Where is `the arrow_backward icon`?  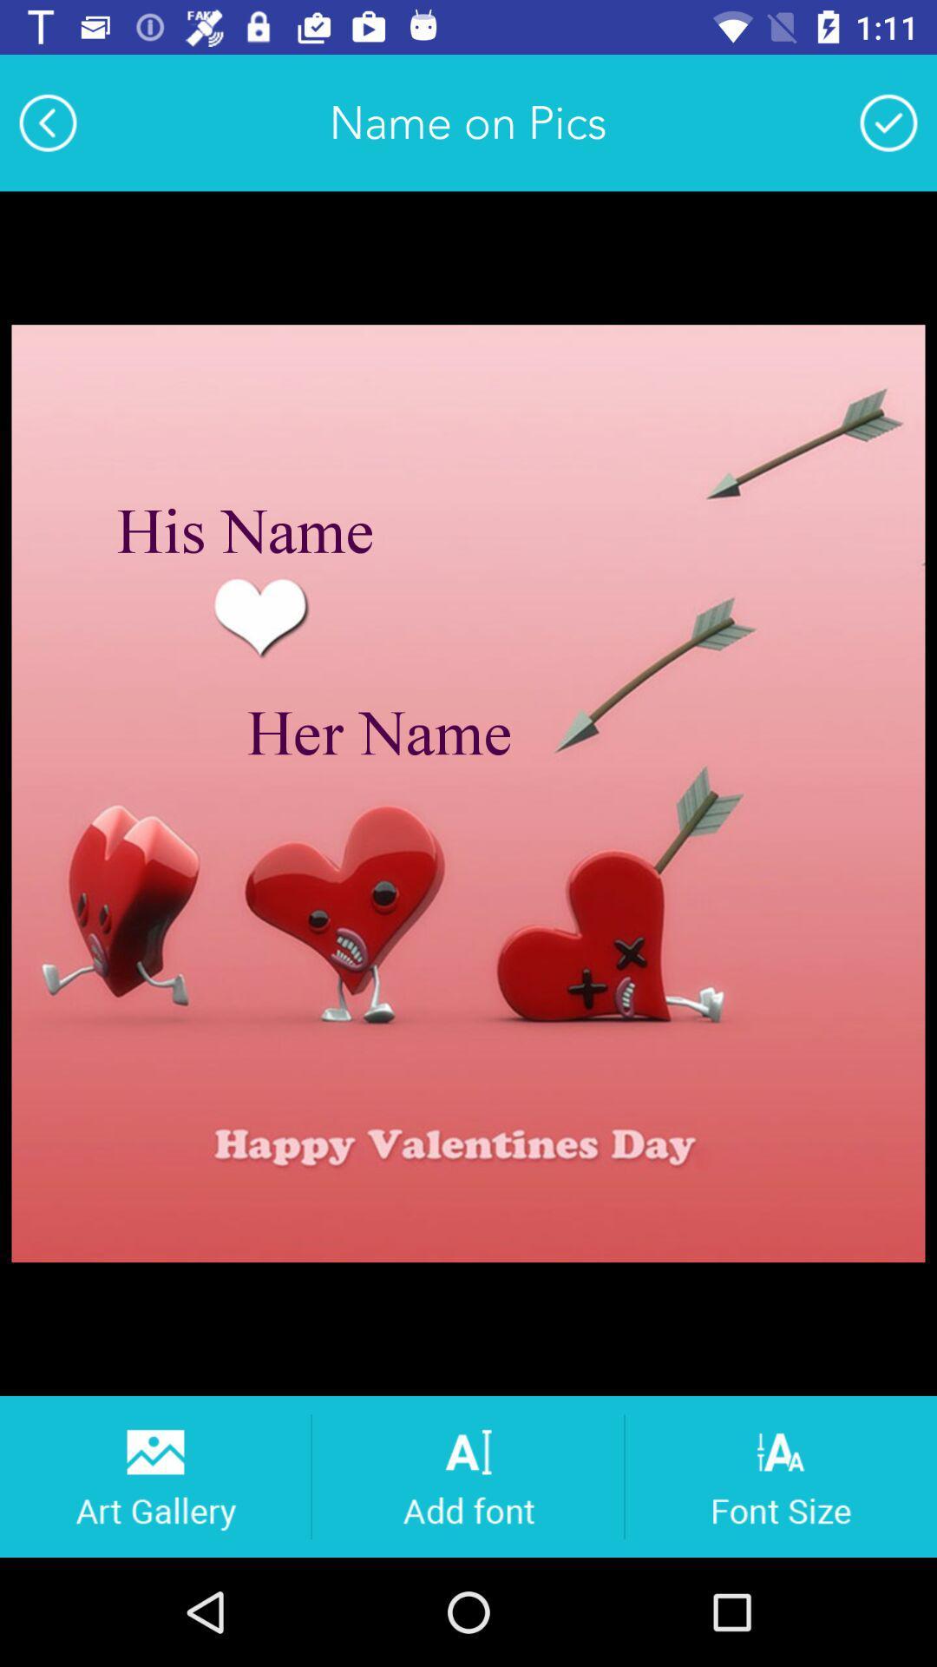
the arrow_backward icon is located at coordinates (47, 122).